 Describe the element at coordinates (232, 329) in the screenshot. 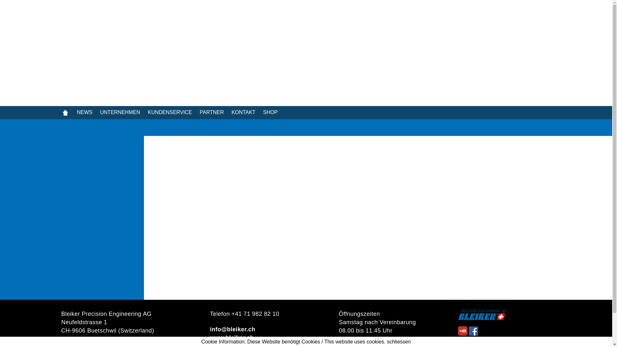

I see `'info@bleiker.ch'` at that location.